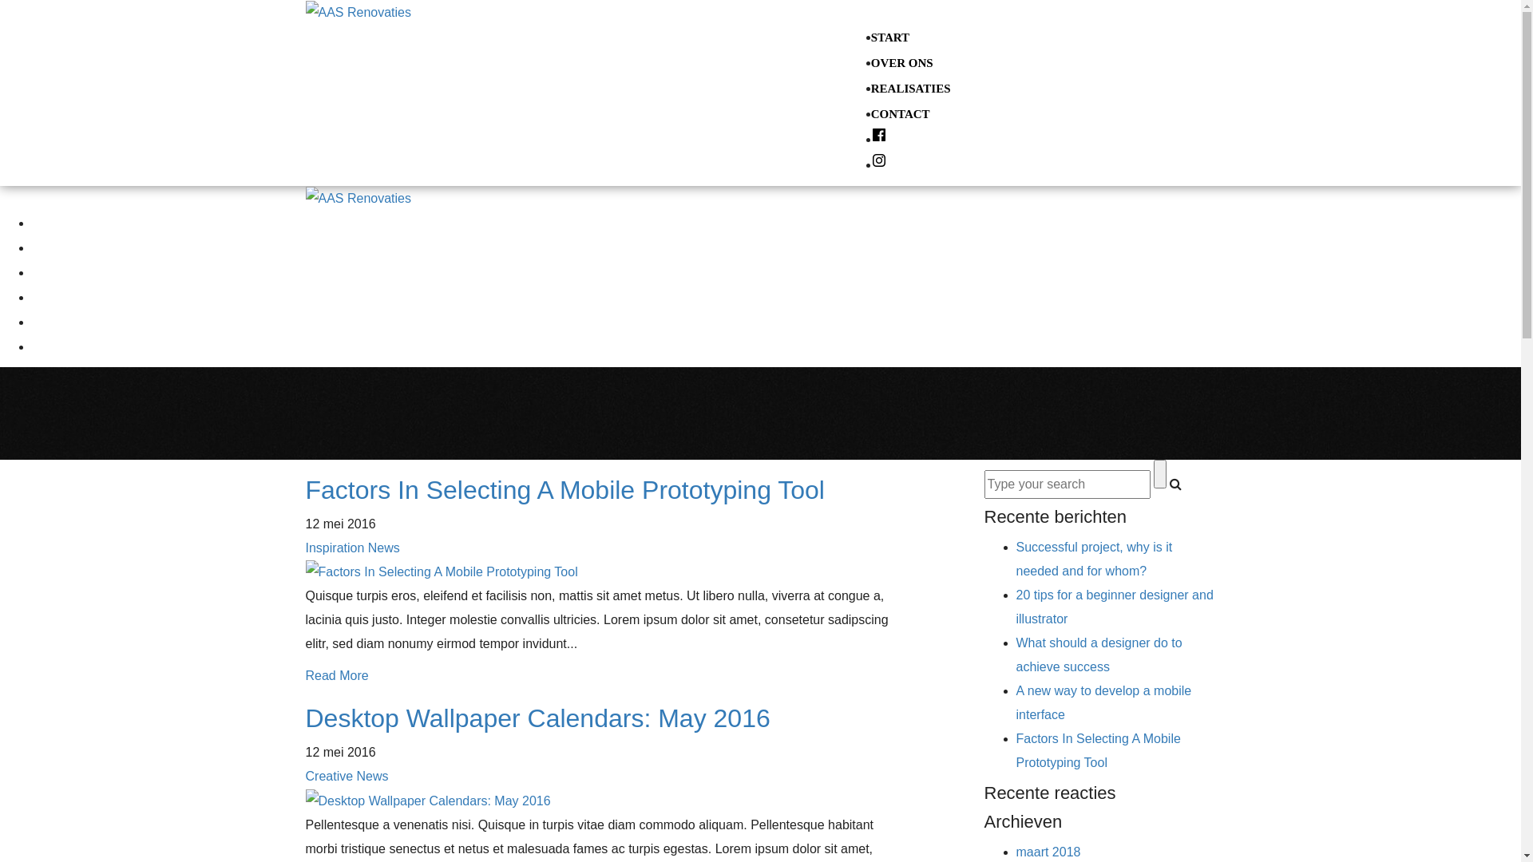 The height and width of the screenshot is (862, 1533). Describe the element at coordinates (371, 775) in the screenshot. I see `'News'` at that location.